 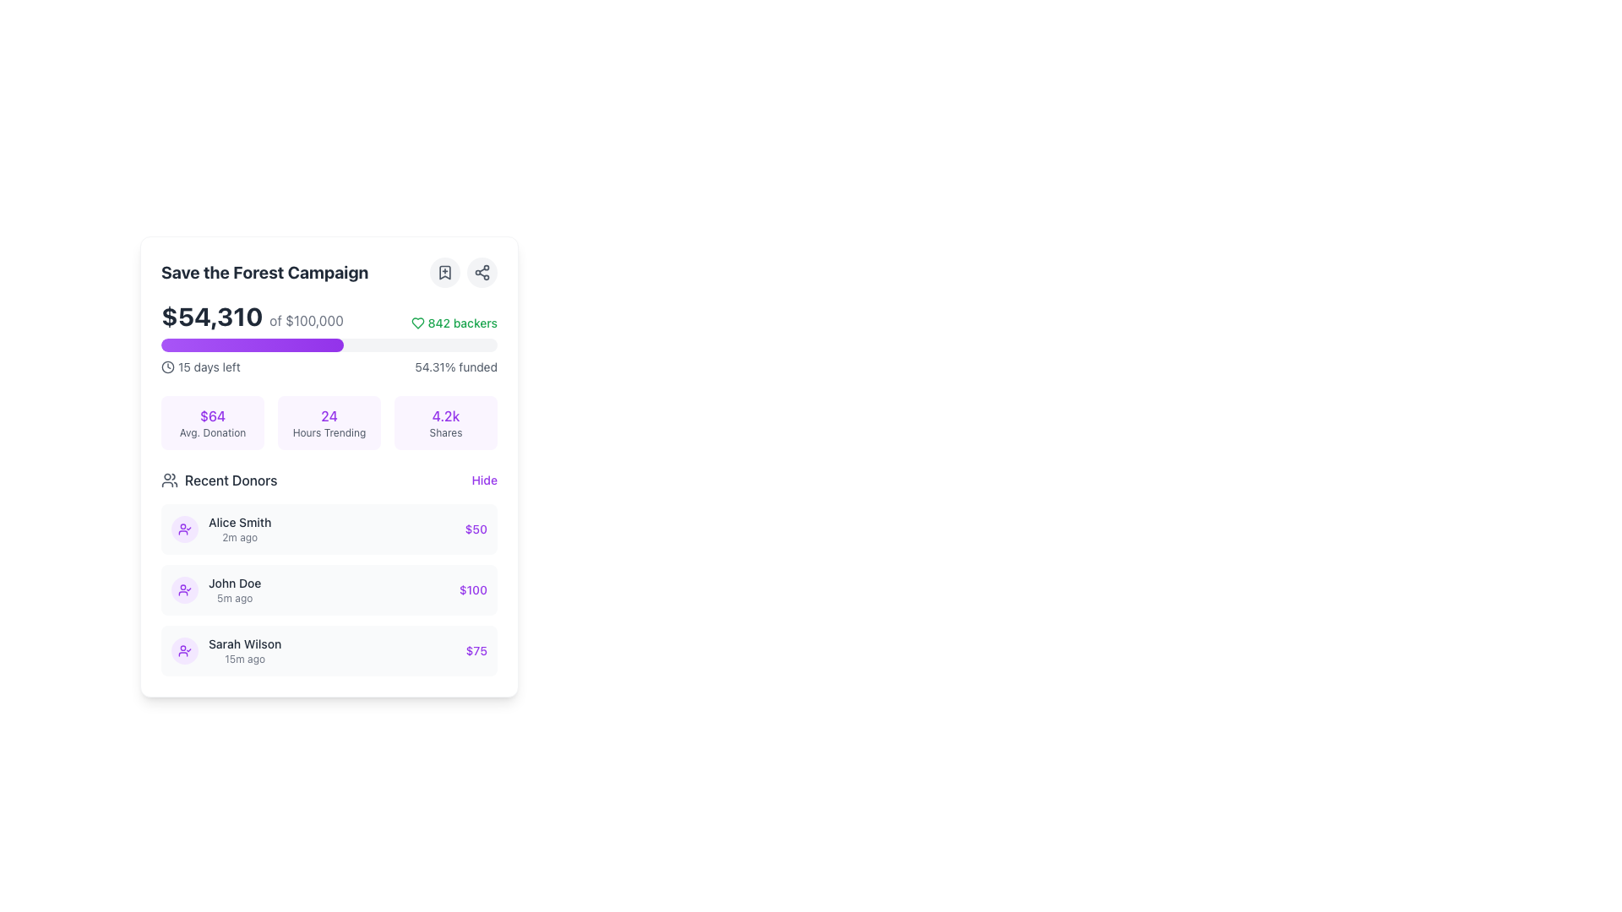 What do you see at coordinates (446, 422) in the screenshot?
I see `the Display card containing the numerical value '4.2k' and the text 'Shares', which is located in the rightmost column of the layout and has a light purple background` at bounding box center [446, 422].